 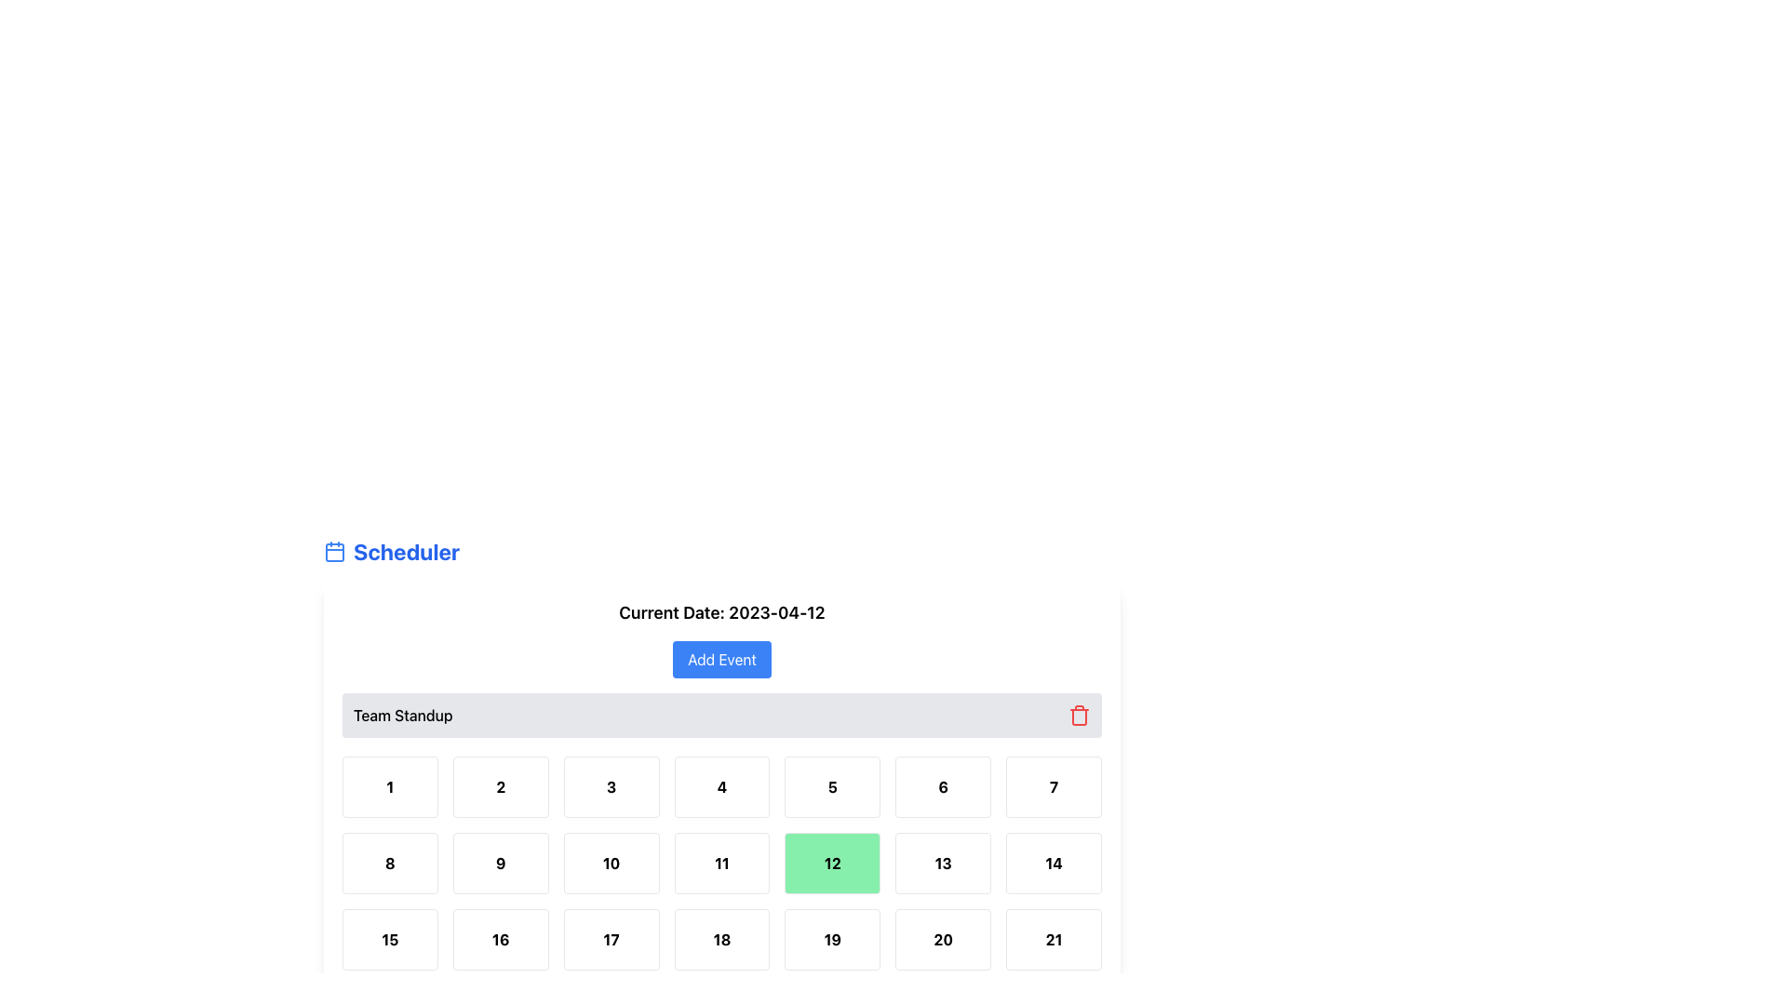 What do you see at coordinates (721, 864) in the screenshot?
I see `the calendar date cell displaying the number '11', which is styled with a clean, bold font and is positioned in the second row and fourth column of the grid layout` at bounding box center [721, 864].